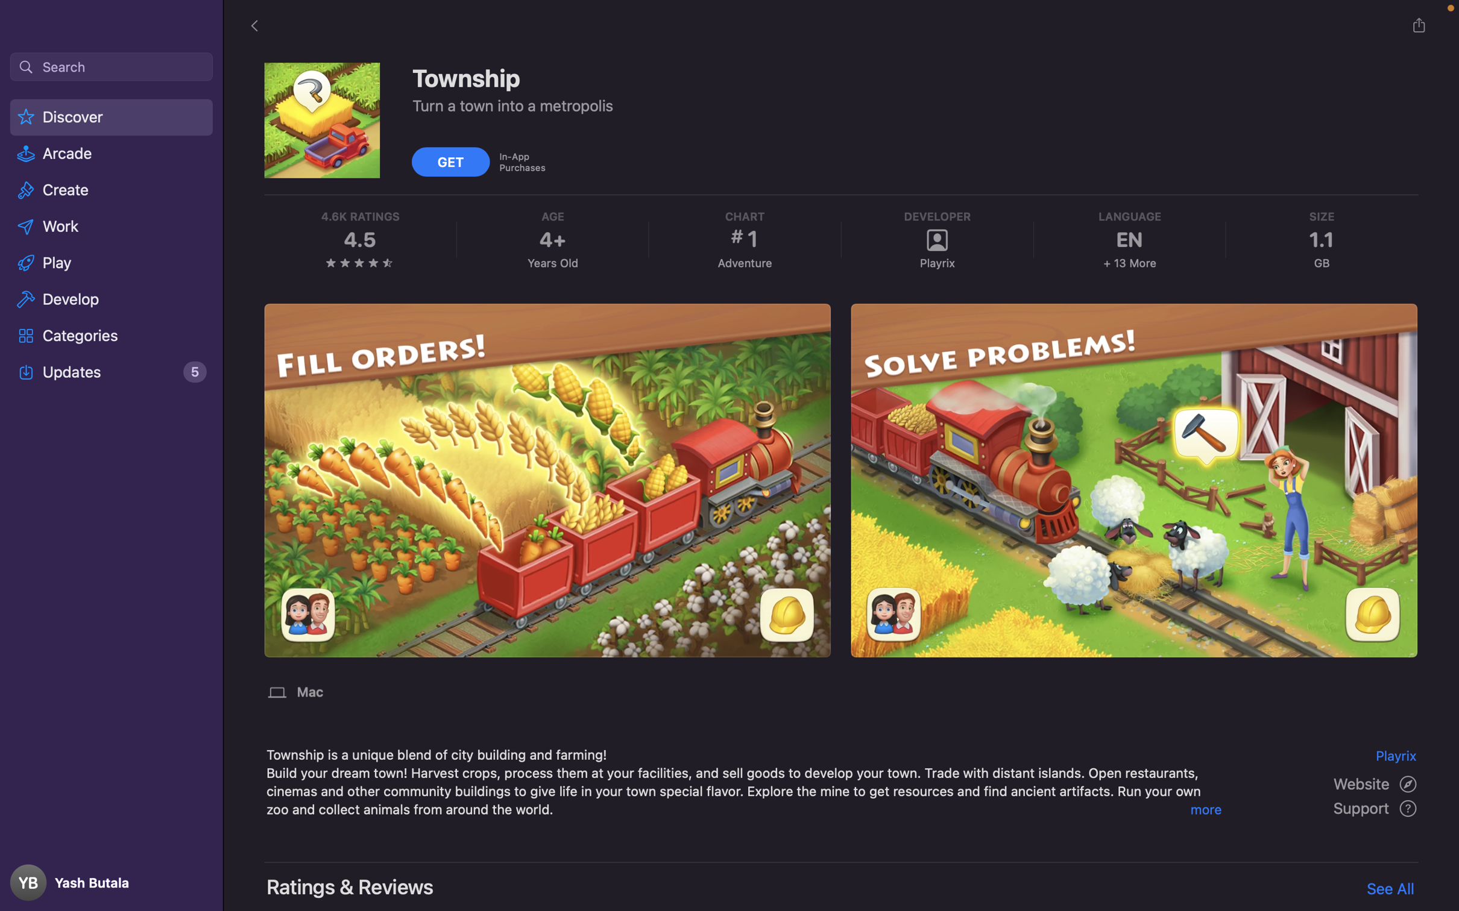  I want to click on the website of the application, so click(1376, 783).